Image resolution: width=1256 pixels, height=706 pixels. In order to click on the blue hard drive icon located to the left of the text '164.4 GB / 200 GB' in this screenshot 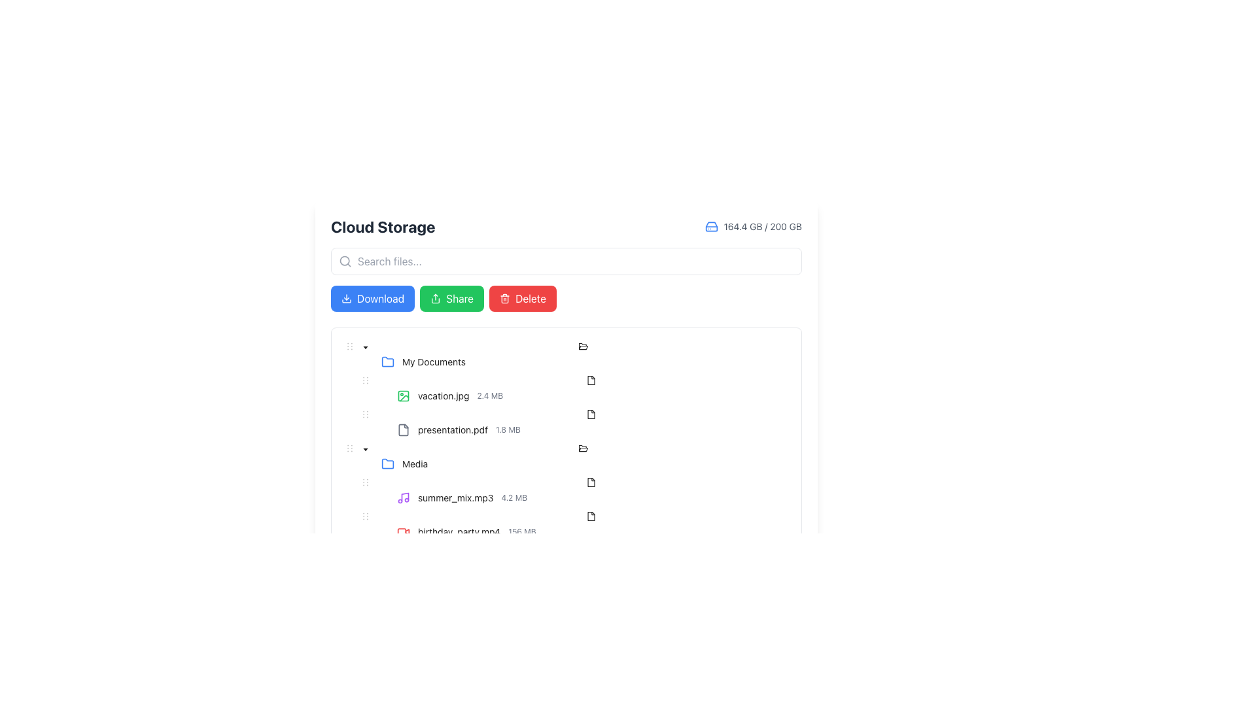, I will do `click(711, 226)`.